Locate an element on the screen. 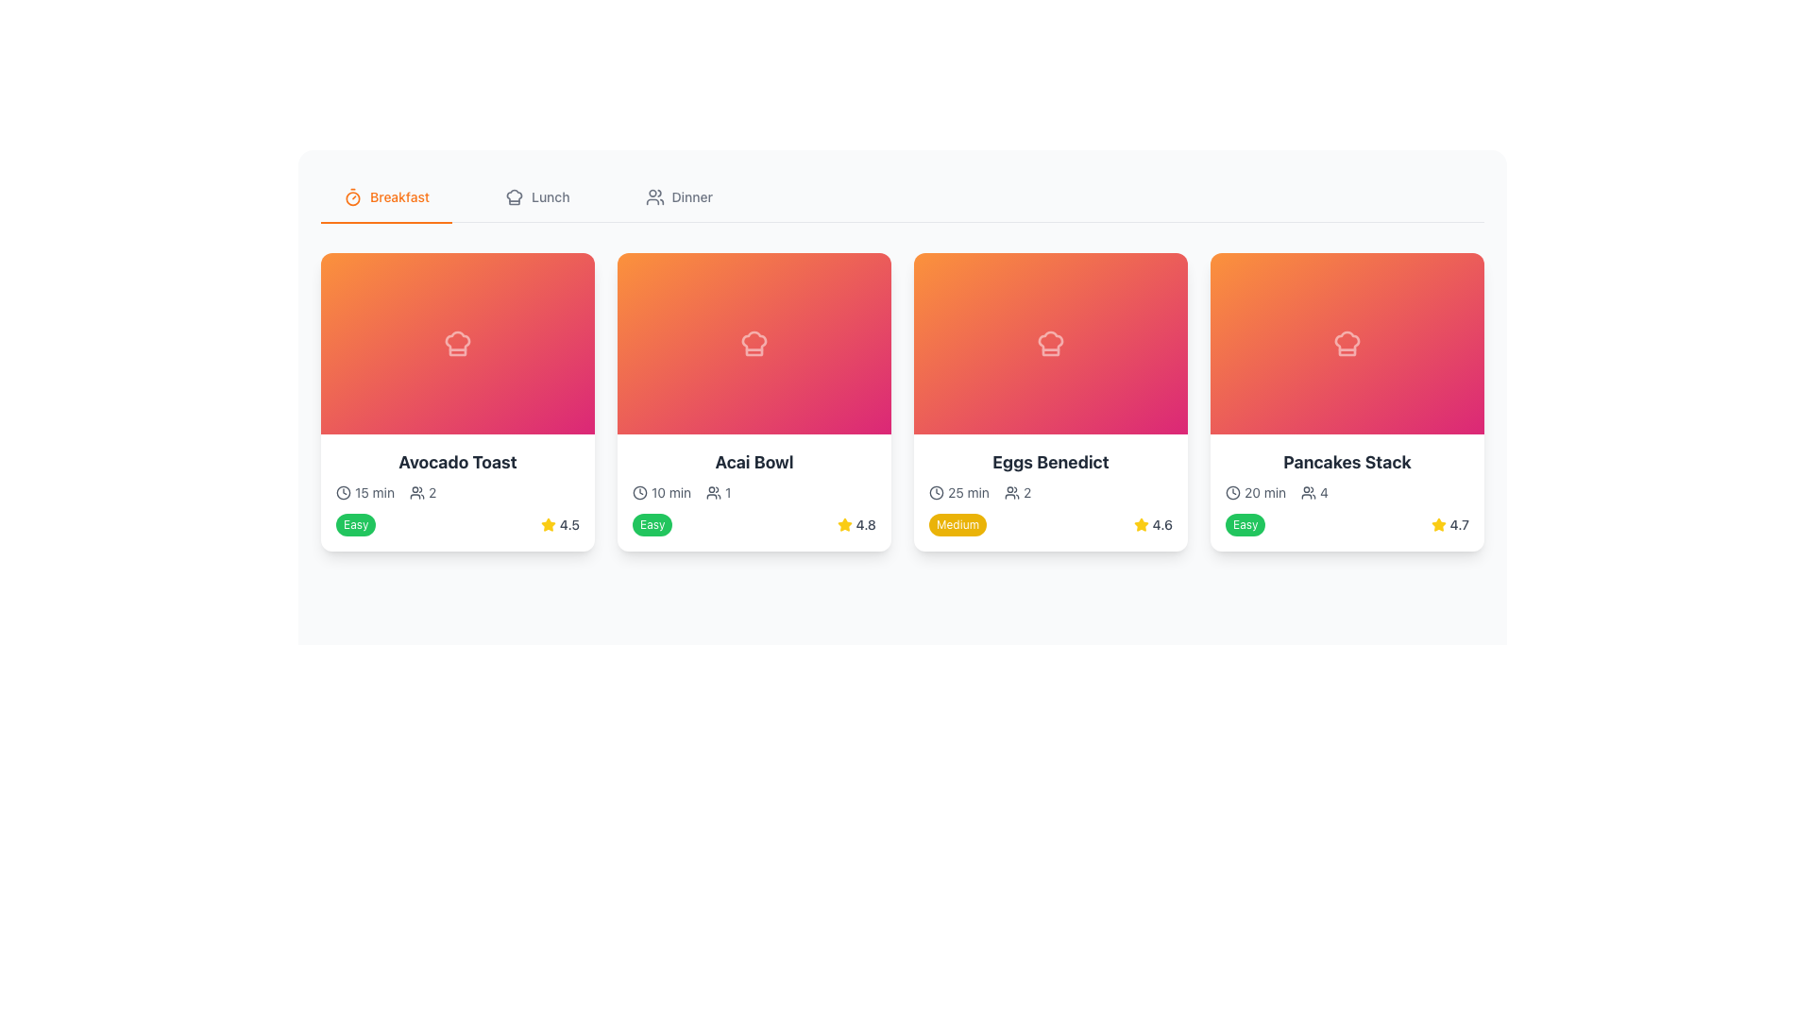 The height and width of the screenshot is (1020, 1813). the decorative icon located in the third card of the horizontally arranged list of four cards below the header tabs labeled 'Breakfast,' 'Lunch,' and 'Dinner.' is located at coordinates (1050, 343).